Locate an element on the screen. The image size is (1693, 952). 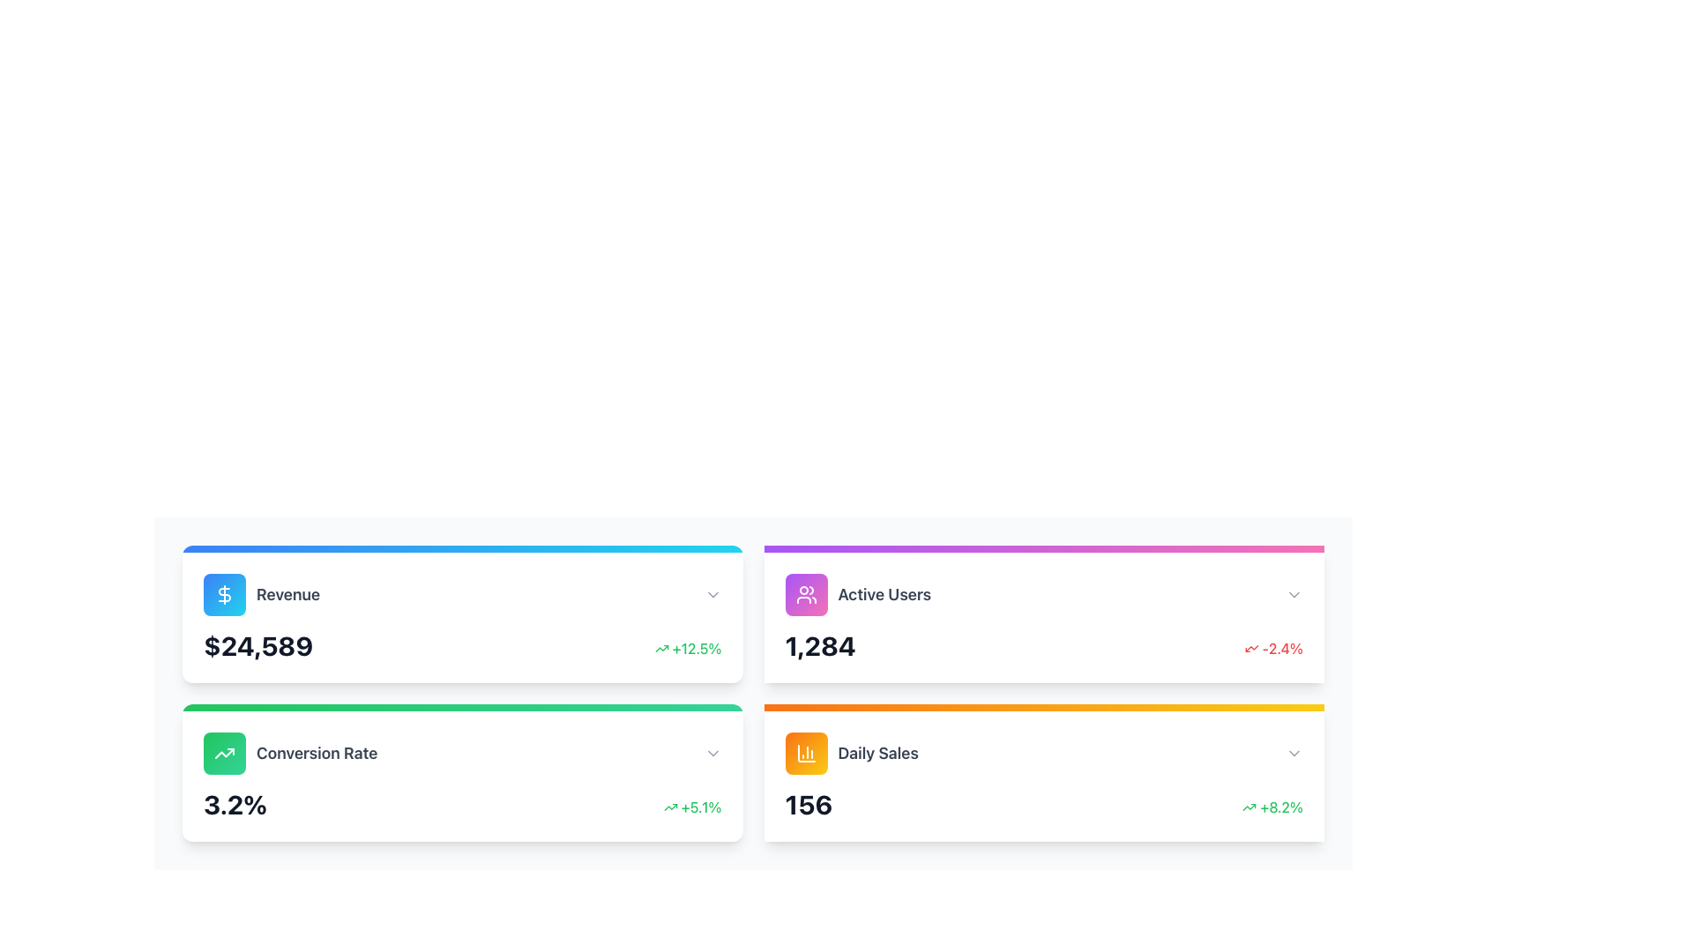
the 'Daily Sales' label located in the bottom-right corner of the dashboard interface, which is below the 'Active Users' section and to the right of the 'Conversion Rate' section is located at coordinates (878, 754).